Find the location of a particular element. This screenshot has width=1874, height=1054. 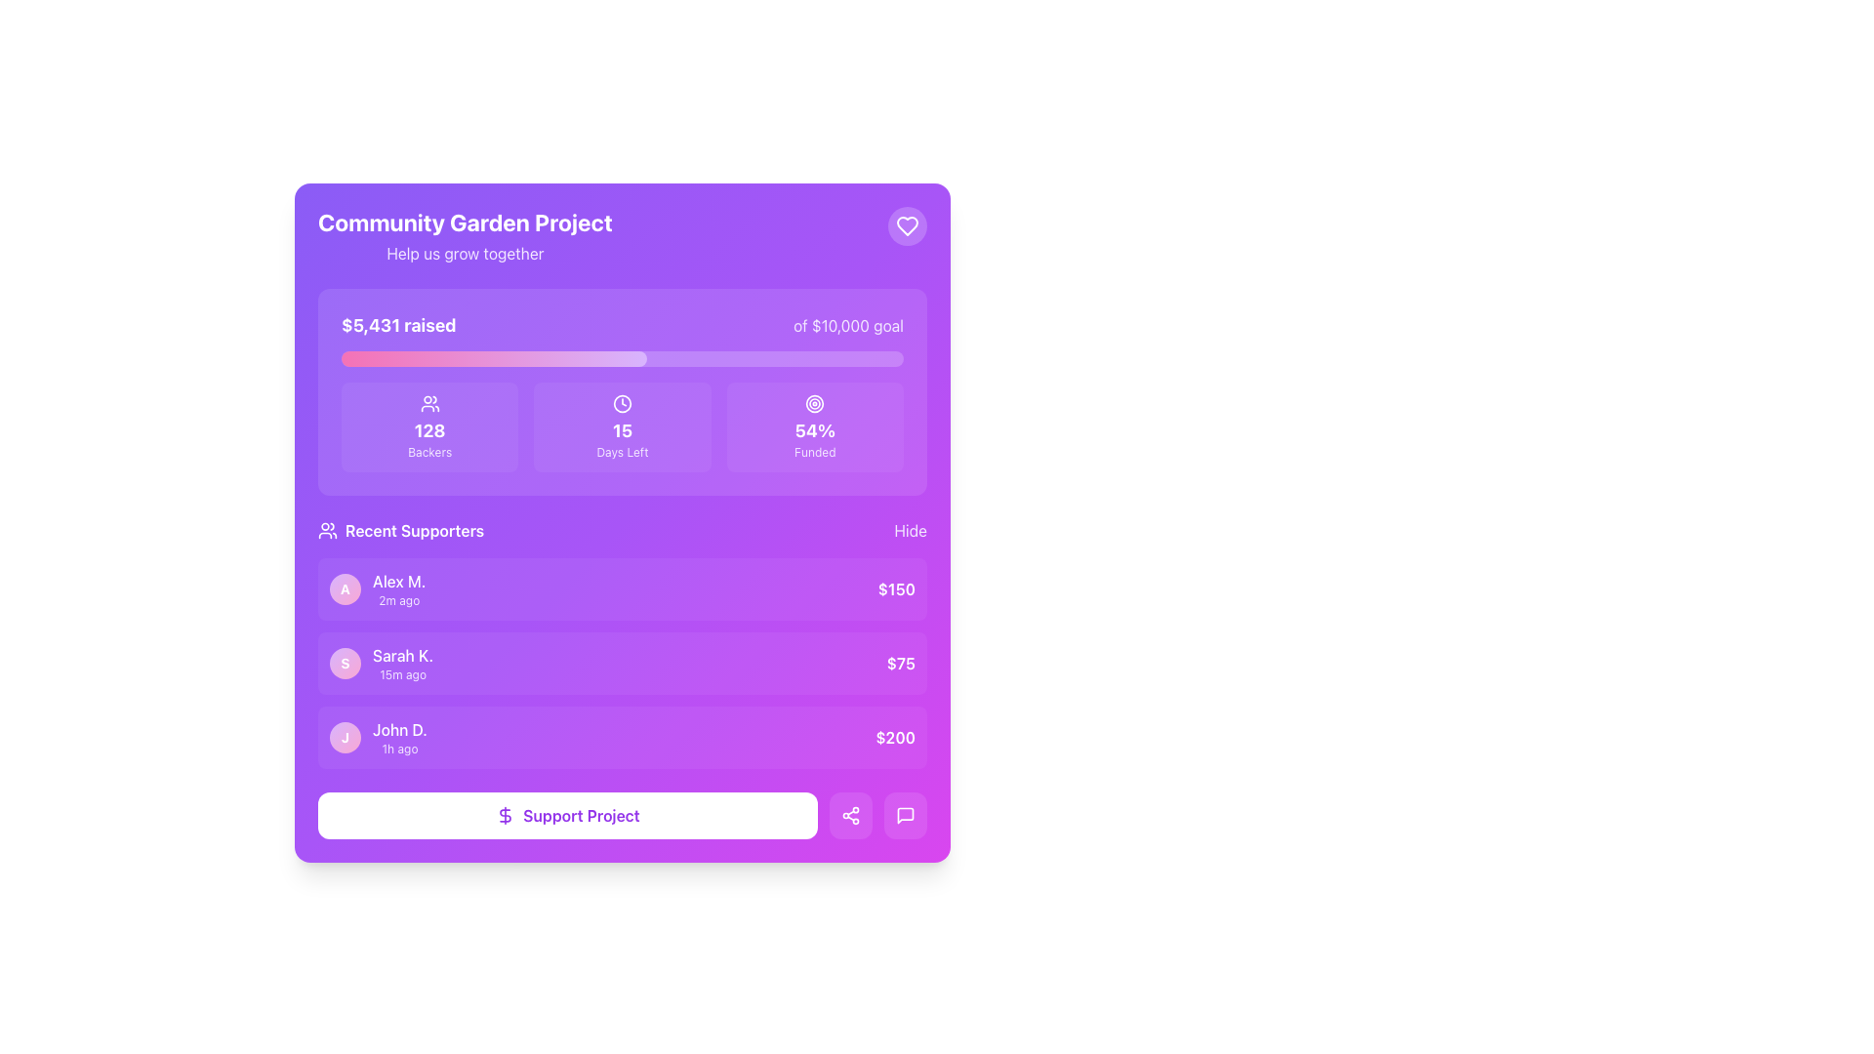

the small clock icon, which is an SVG graphic with a circle shape and clock hands, located in the second card displaying '15 Days Left' is located at coordinates (622, 402).